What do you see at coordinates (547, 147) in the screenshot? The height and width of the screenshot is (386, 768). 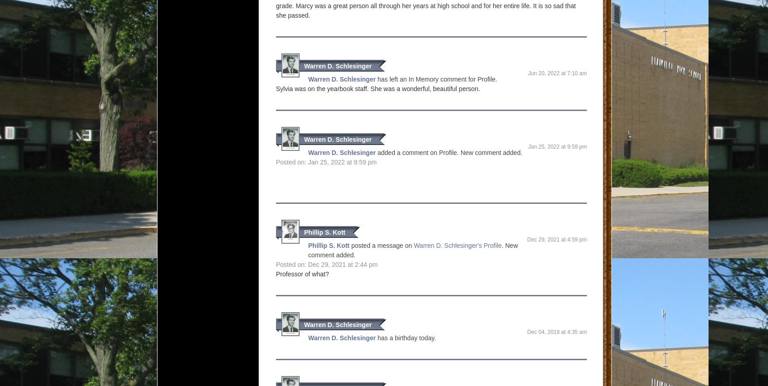 I see `'Jan 25, 2022 at'` at bounding box center [547, 147].